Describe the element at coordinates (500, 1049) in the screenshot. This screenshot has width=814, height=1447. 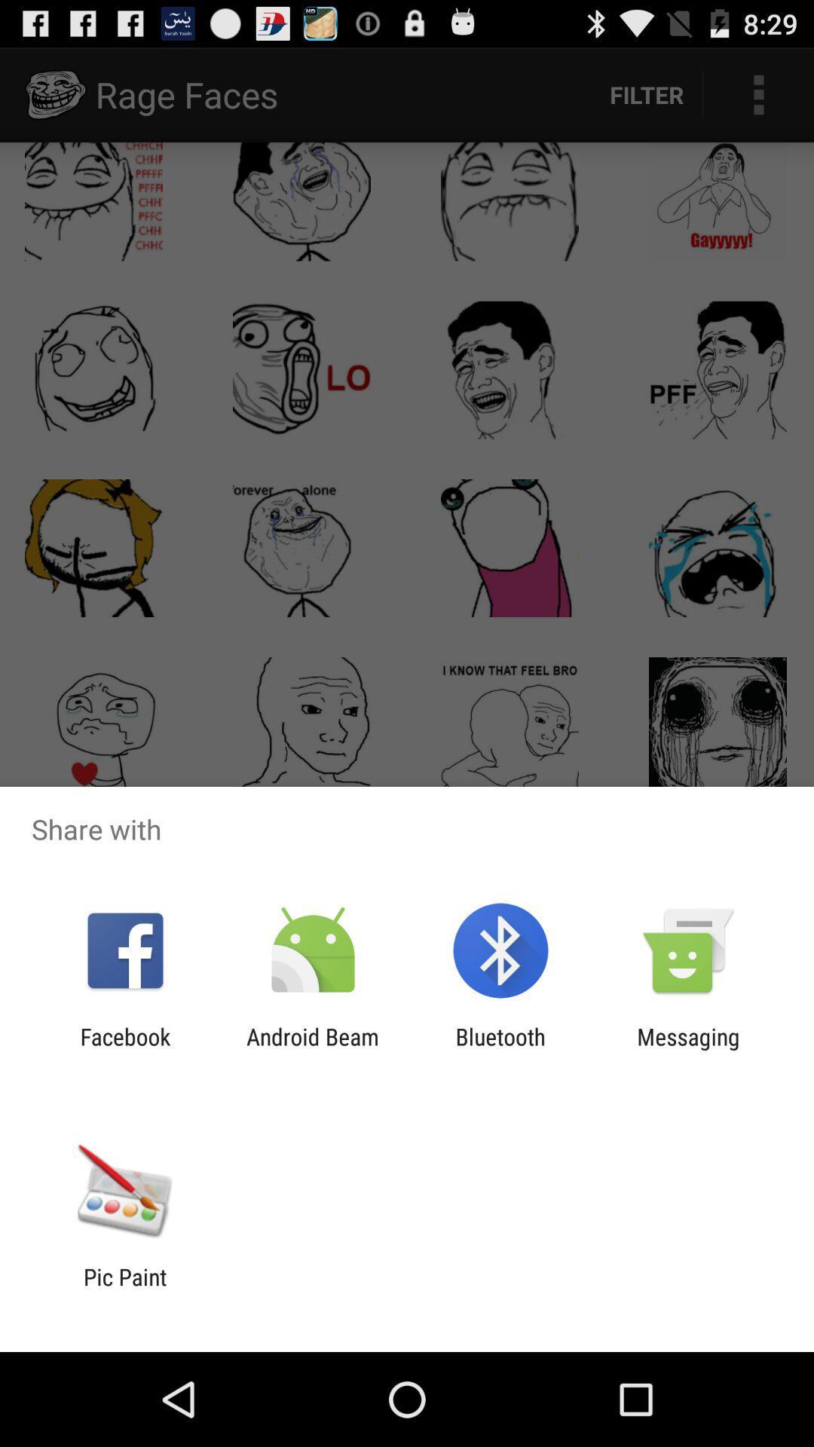
I see `the item next to android beam item` at that location.